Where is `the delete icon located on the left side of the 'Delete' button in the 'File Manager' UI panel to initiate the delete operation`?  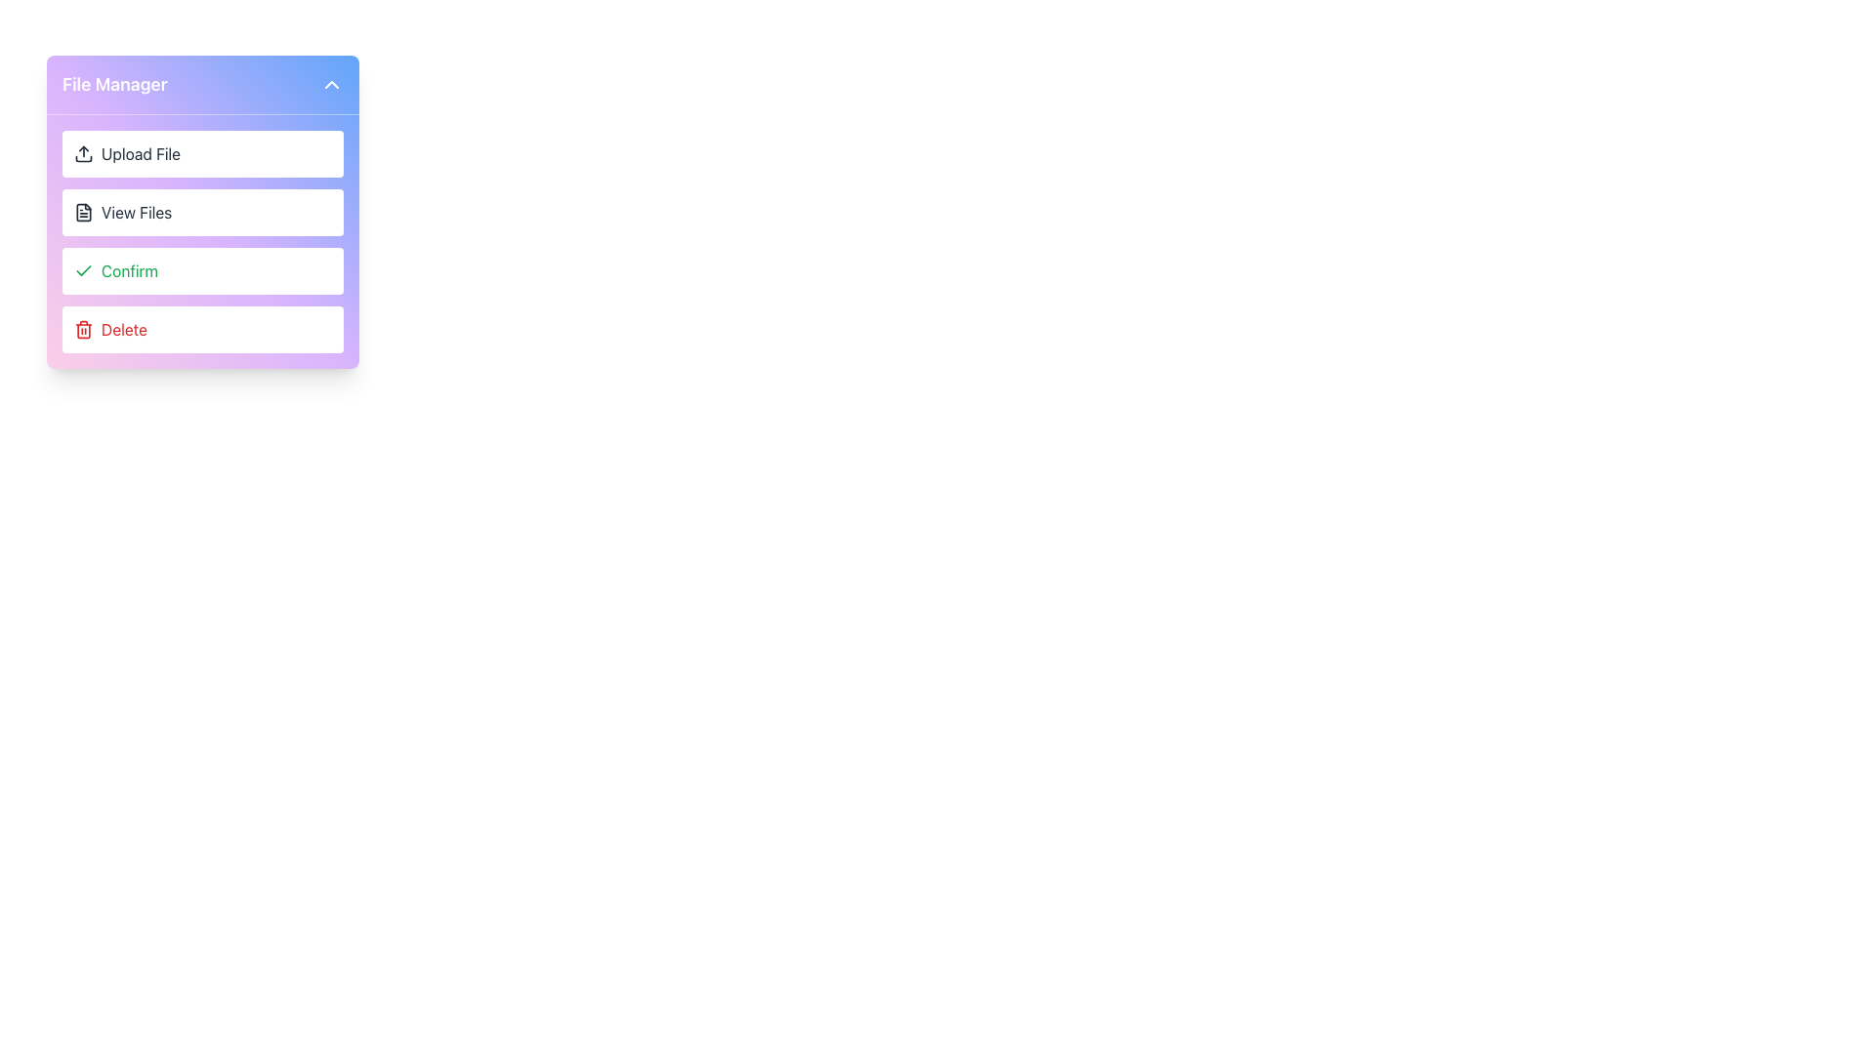 the delete icon located on the left side of the 'Delete' button in the 'File Manager' UI panel to initiate the delete operation is located at coordinates (83, 329).